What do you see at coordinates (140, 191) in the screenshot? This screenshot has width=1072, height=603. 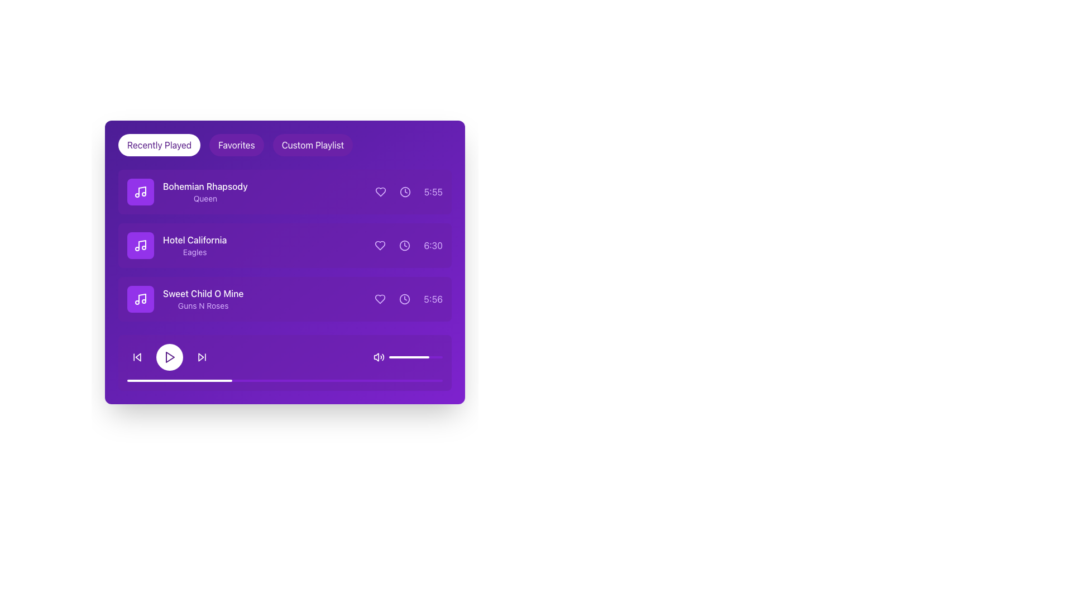 I see `the music track icon for 'Bohemian Rhapsody' located in the first cell under the purple background section labeled 'Recently Played'` at bounding box center [140, 191].